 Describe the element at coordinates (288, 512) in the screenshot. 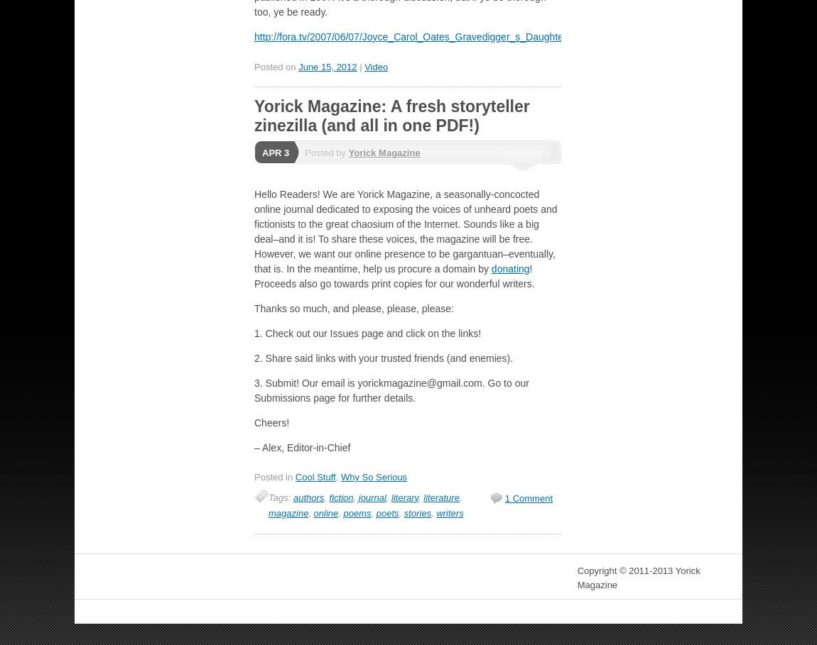

I see `'magazine'` at that location.